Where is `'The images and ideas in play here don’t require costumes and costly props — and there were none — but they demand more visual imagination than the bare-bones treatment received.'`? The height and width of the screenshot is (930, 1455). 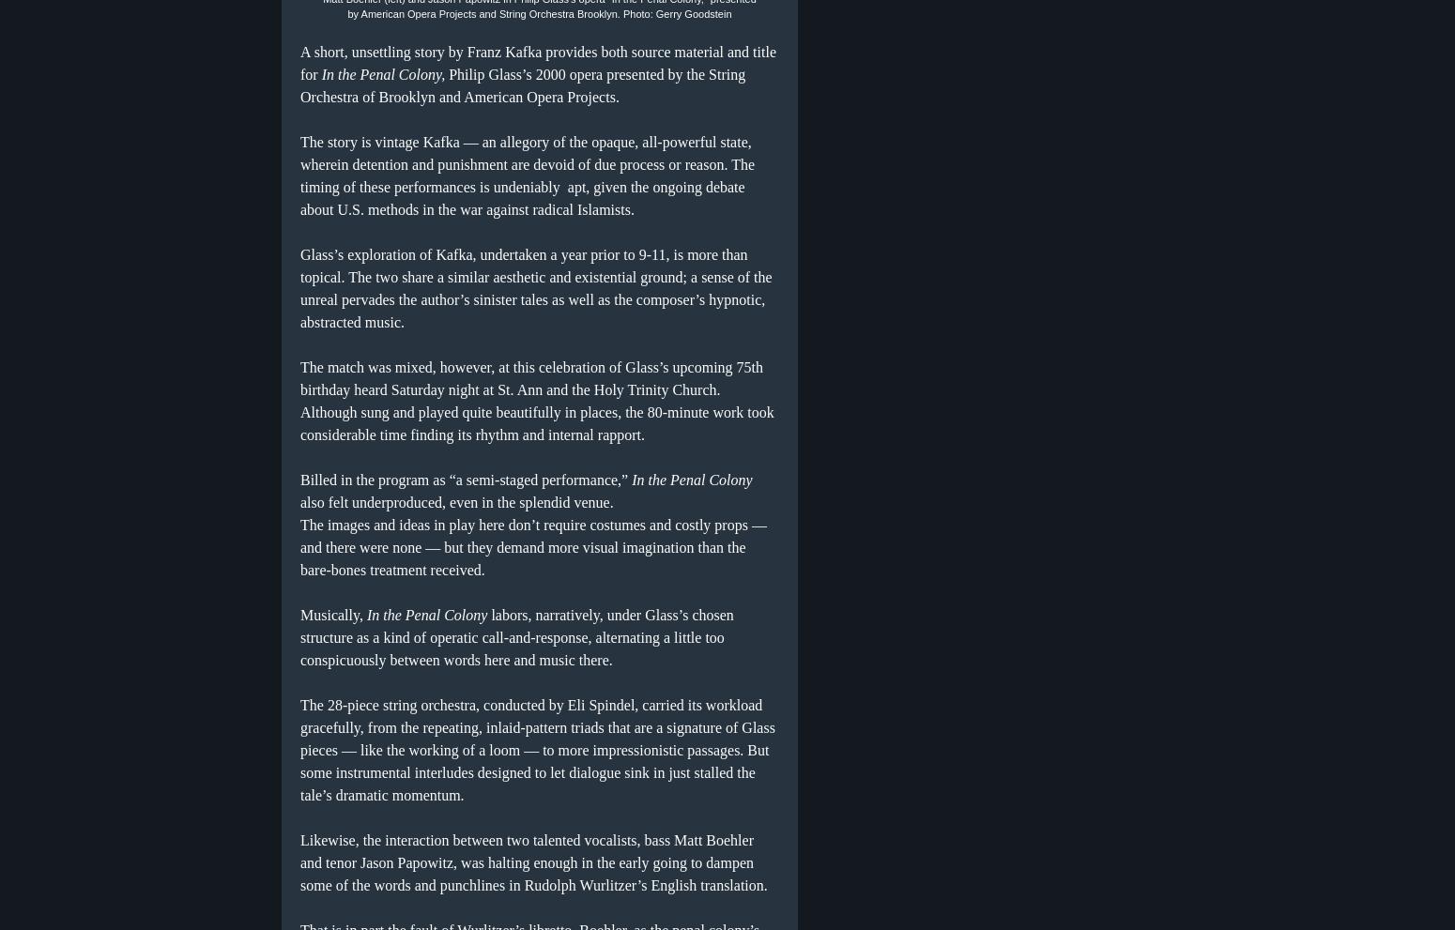
'The images and ideas in play here don’t require costumes and costly props — and there were none — but they demand more visual imagination than the bare-bones treatment received.' is located at coordinates (533, 545).